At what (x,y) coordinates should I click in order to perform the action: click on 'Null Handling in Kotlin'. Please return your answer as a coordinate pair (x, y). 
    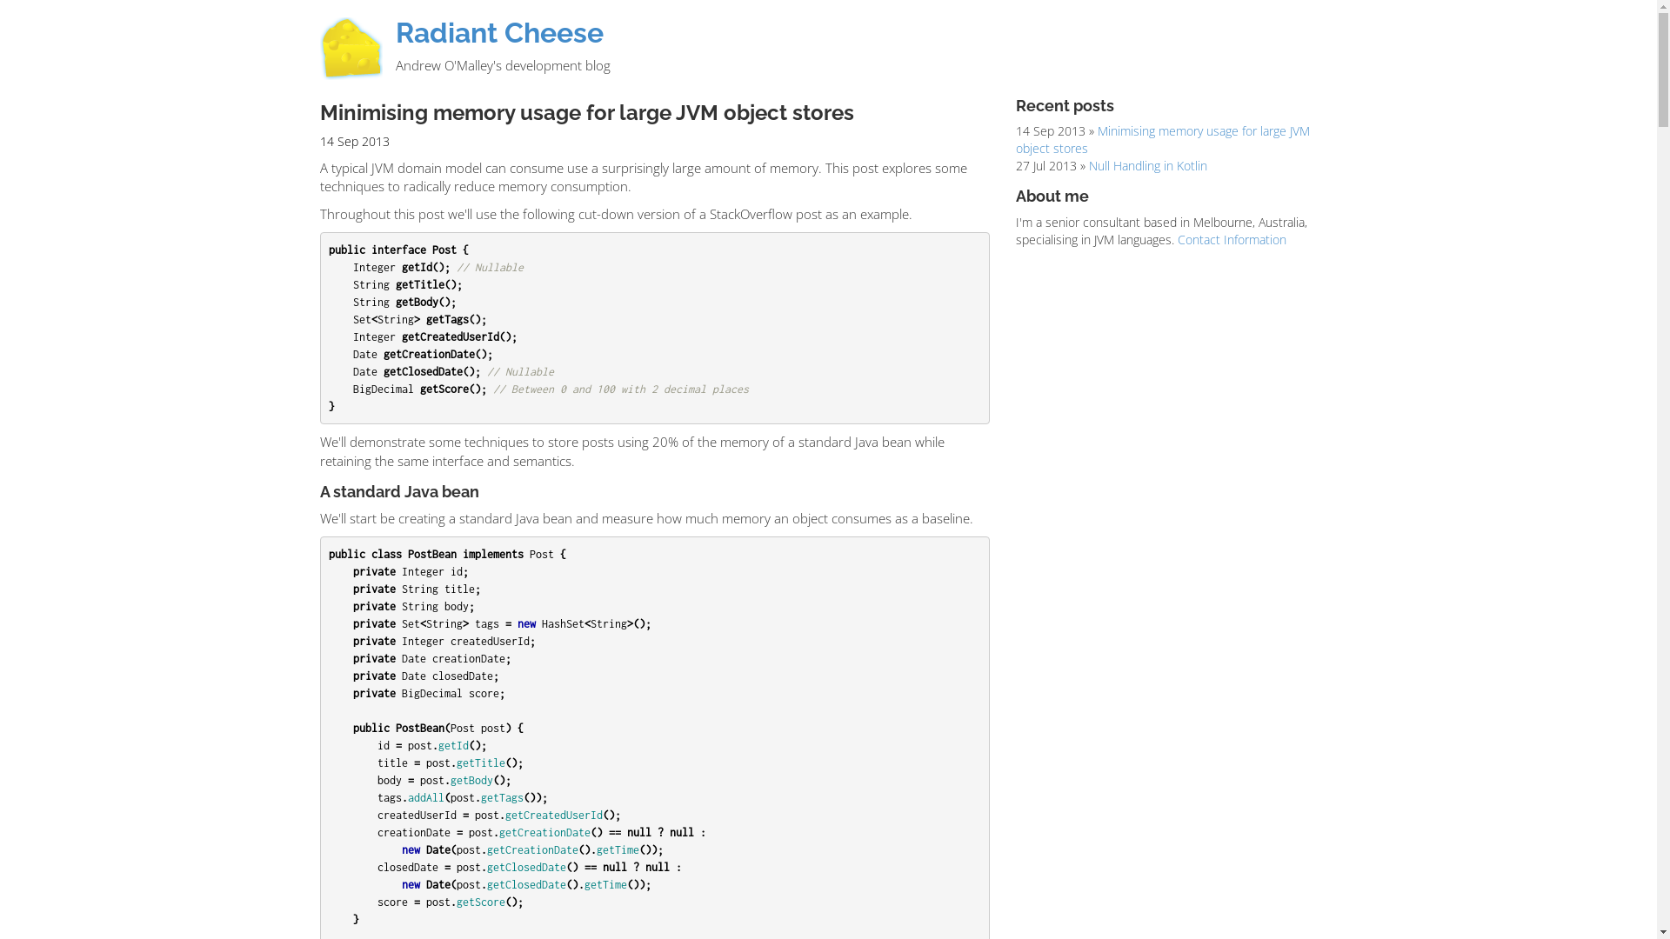
    Looking at the image, I should click on (1148, 165).